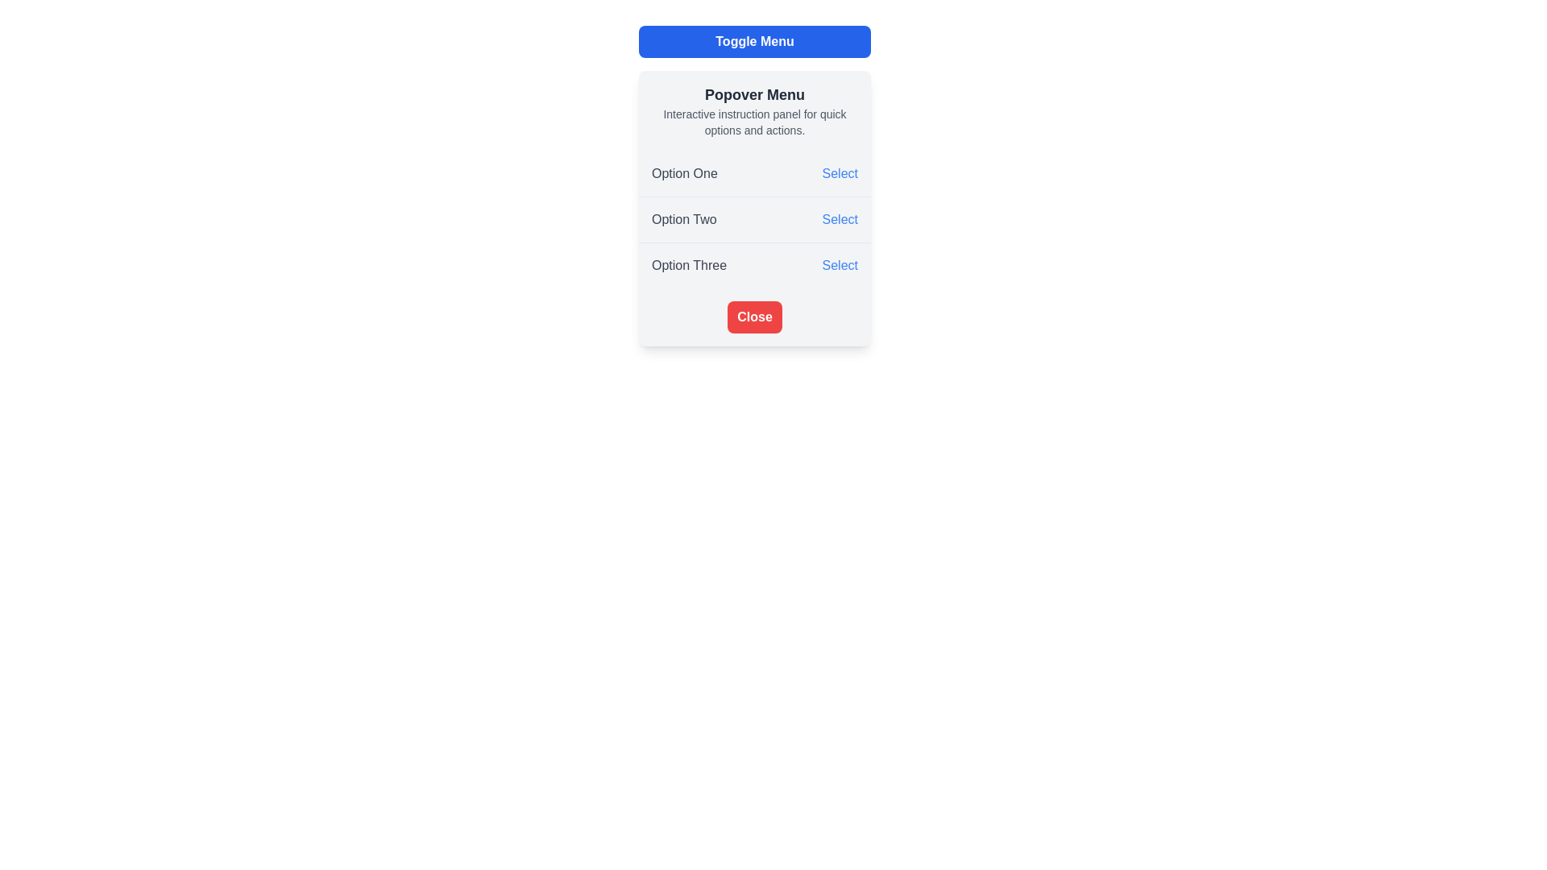 The width and height of the screenshot is (1547, 870). What do you see at coordinates (753, 40) in the screenshot?
I see `the blue rectangular button labeled 'Toggle Menu'` at bounding box center [753, 40].